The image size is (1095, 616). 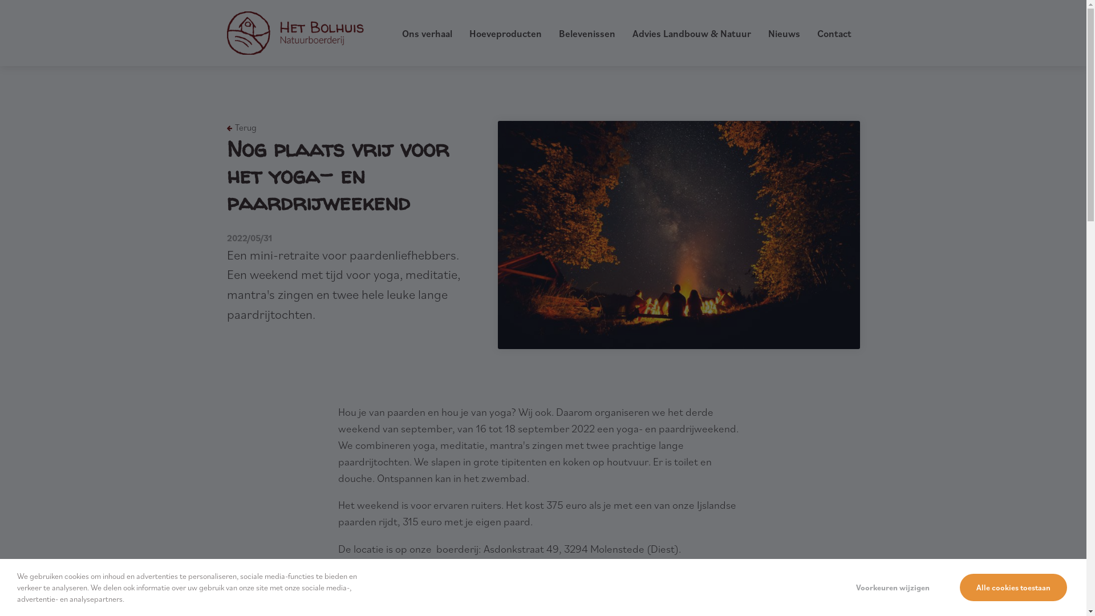 I want to click on 'Belevenissen', so click(x=587, y=33).